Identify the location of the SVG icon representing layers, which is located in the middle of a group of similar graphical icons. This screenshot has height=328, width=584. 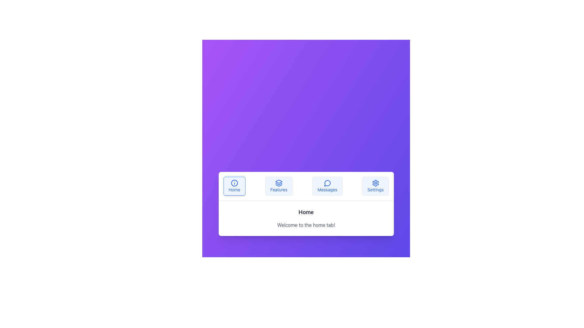
(278, 183).